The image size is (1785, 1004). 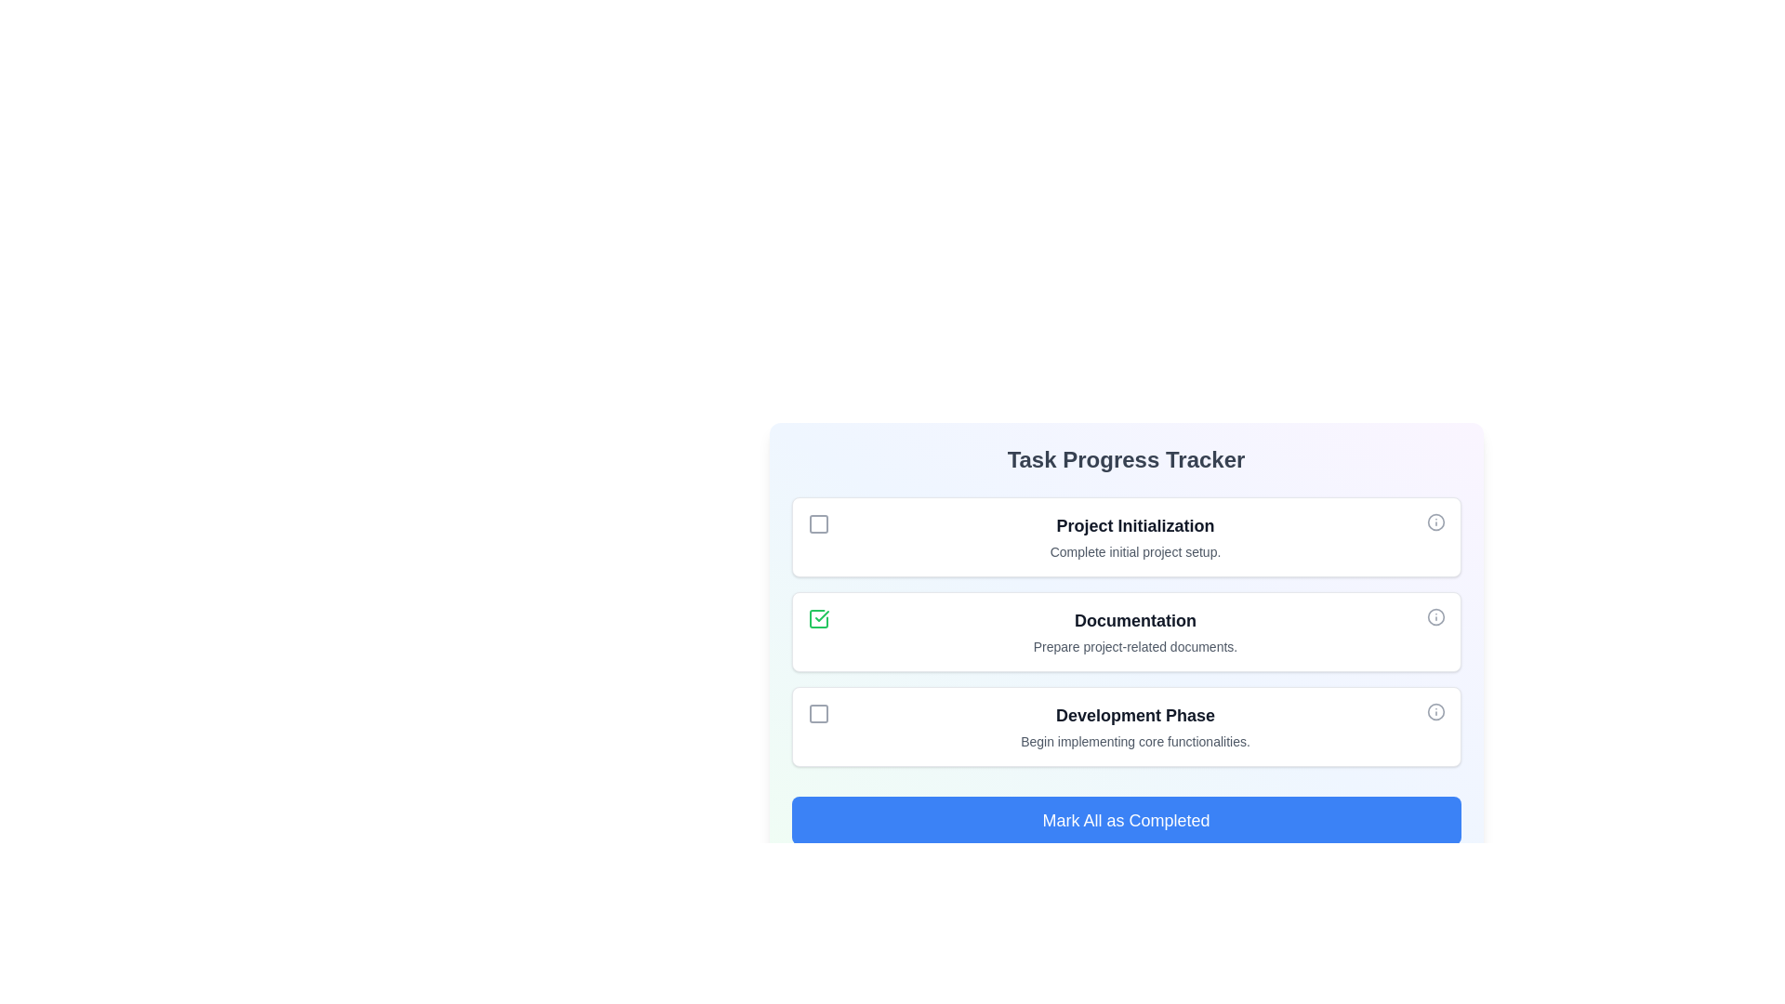 I want to click on the Information icon, which is a circular icon with a gray border and a dot inside, located at the far right of the 'Development Phase' task card, so click(x=1435, y=711).